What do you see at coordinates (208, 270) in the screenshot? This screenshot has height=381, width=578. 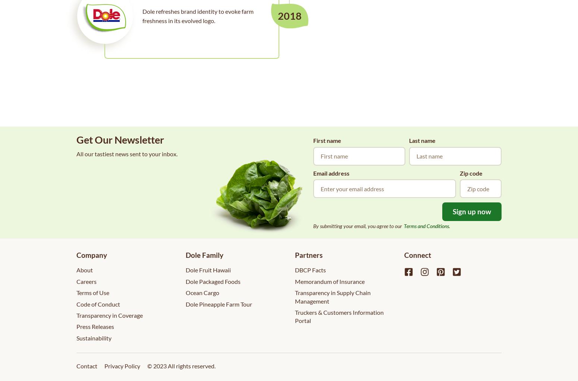 I see `'Dole Fruit Hawaii'` at bounding box center [208, 270].